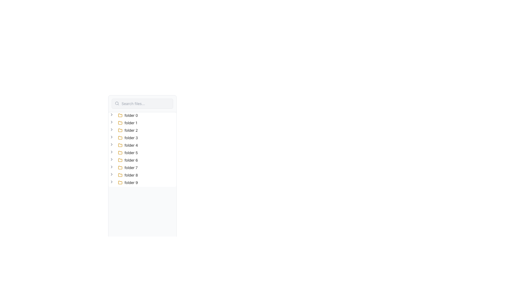 This screenshot has width=513, height=288. I want to click on to select the tree item labeled 'folder 8', which is the ninth item in a vertical list of tree items in the sidebar interface, so click(124, 175).